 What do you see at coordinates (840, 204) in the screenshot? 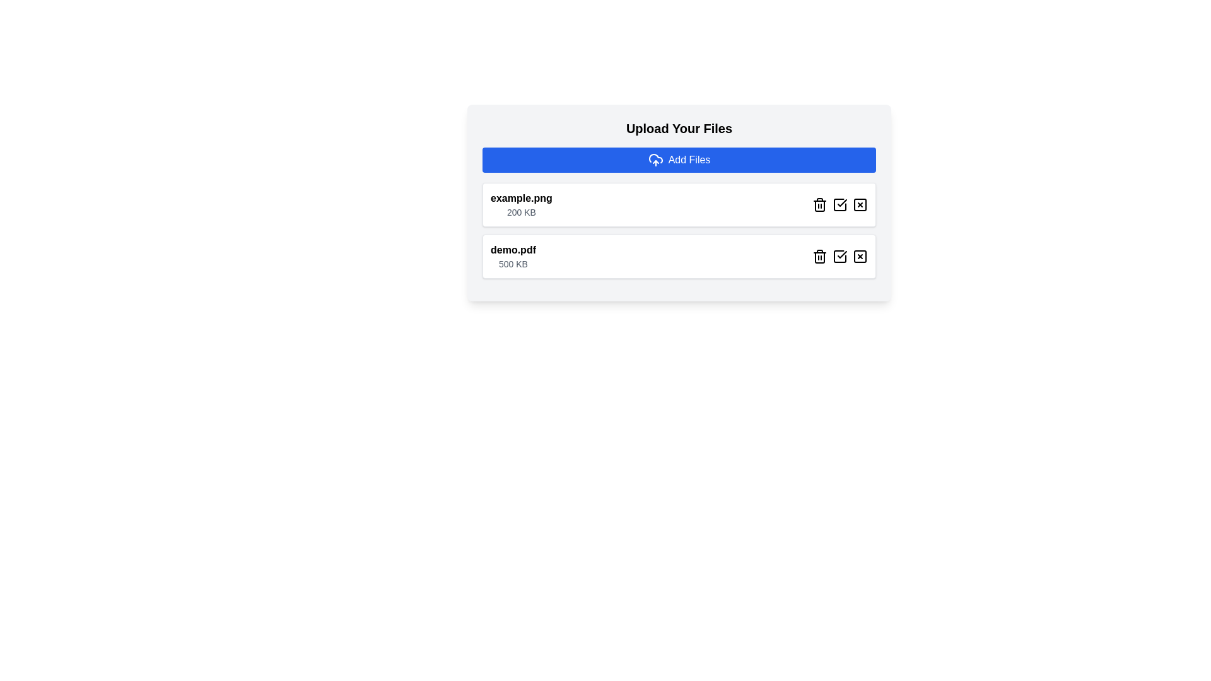
I see `the second button in the row of interactive icons, which has a checklist icon and is located between the trash icon and close icon, to mark the file 'example.png 200 KB' as selected or completed` at bounding box center [840, 204].